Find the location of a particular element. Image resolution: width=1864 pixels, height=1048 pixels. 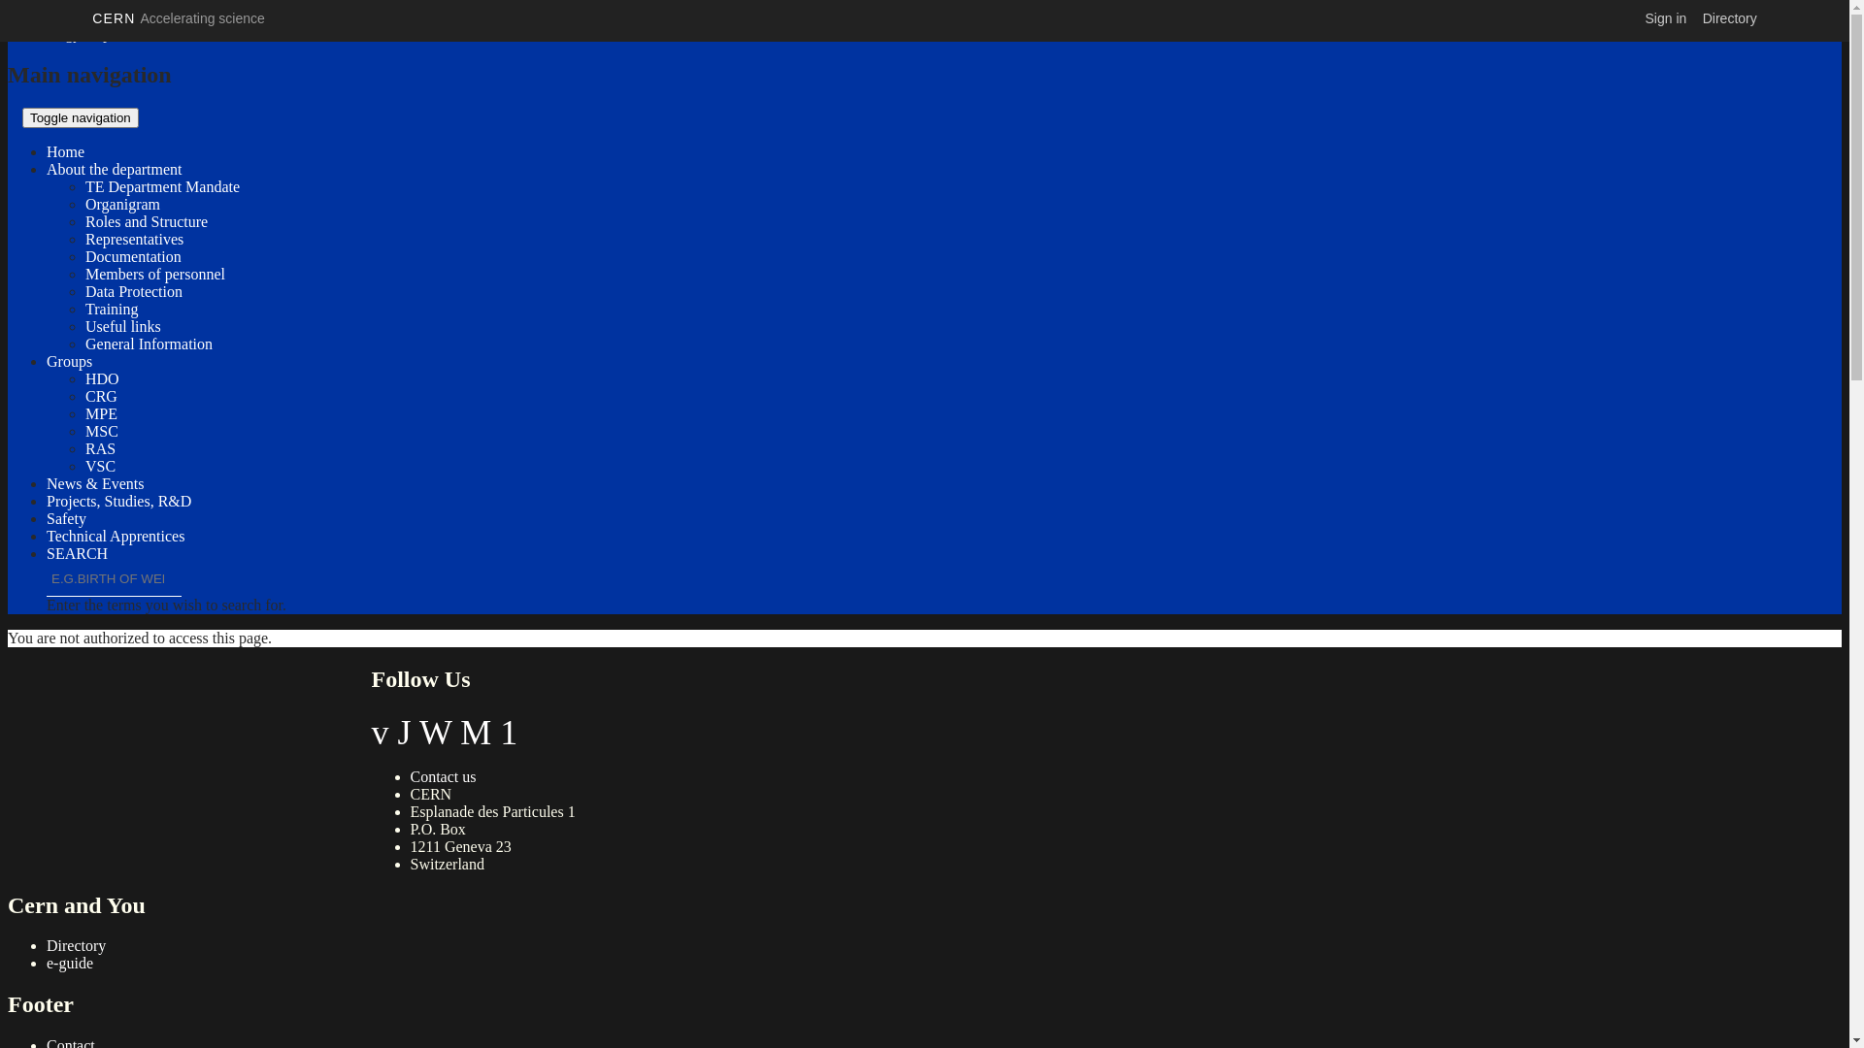

'Organigram' is located at coordinates (121, 204).